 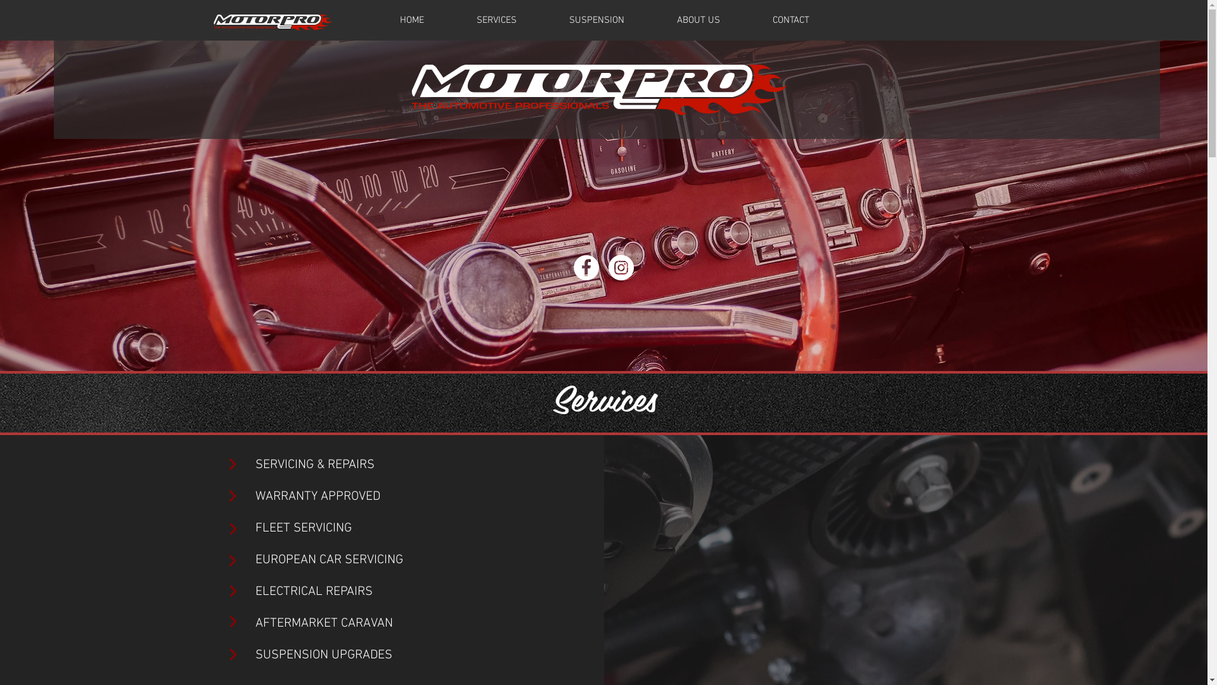 What do you see at coordinates (495, 20) in the screenshot?
I see `'SERVICES'` at bounding box center [495, 20].